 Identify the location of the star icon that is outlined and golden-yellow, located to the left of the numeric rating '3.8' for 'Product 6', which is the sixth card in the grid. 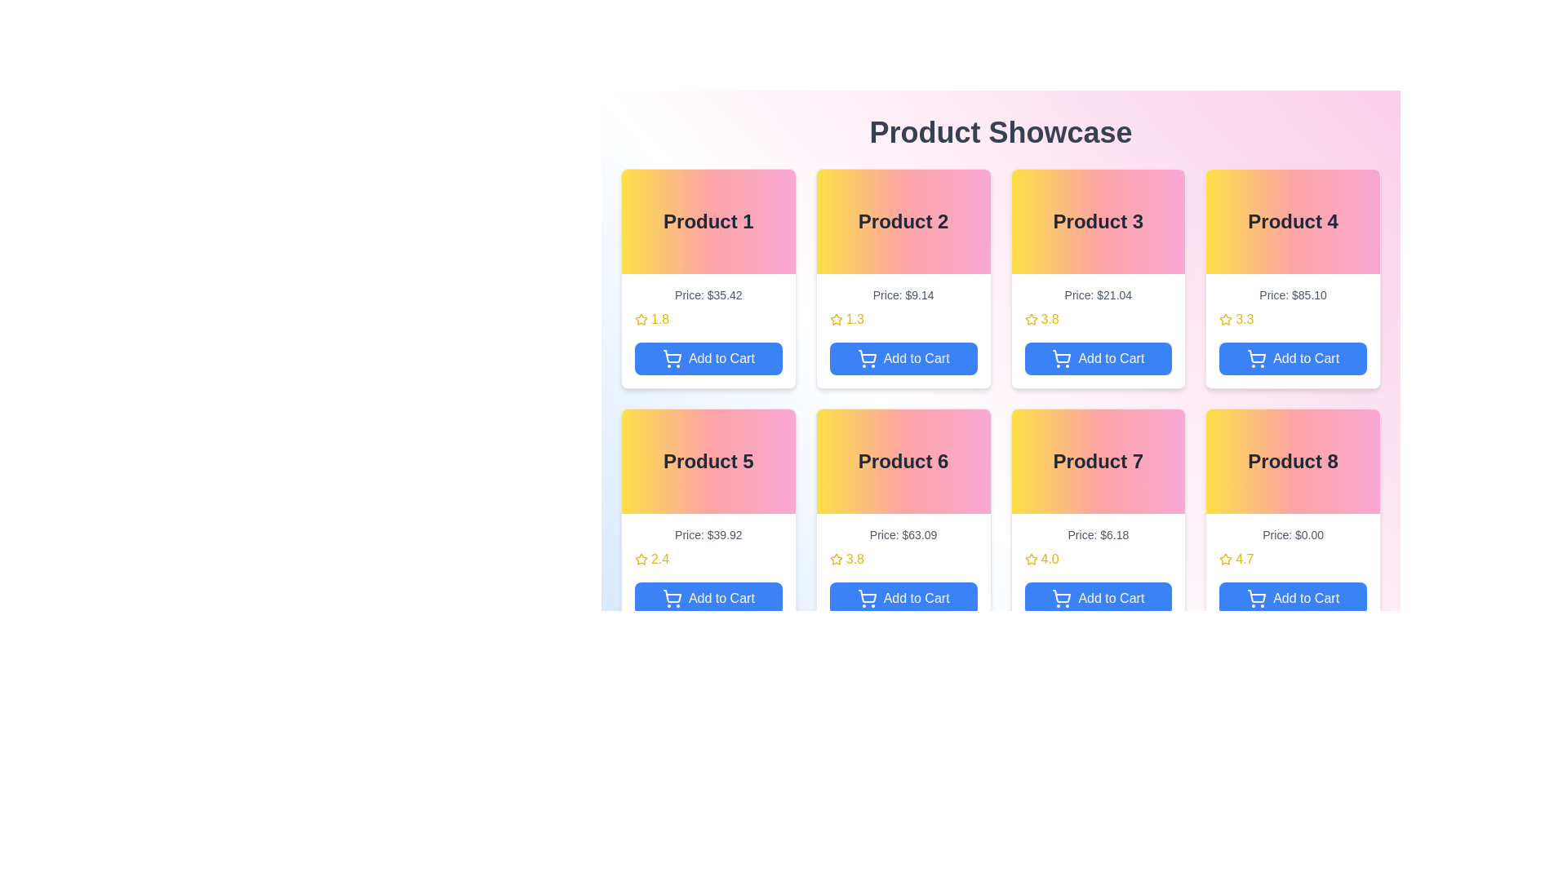
(836, 558).